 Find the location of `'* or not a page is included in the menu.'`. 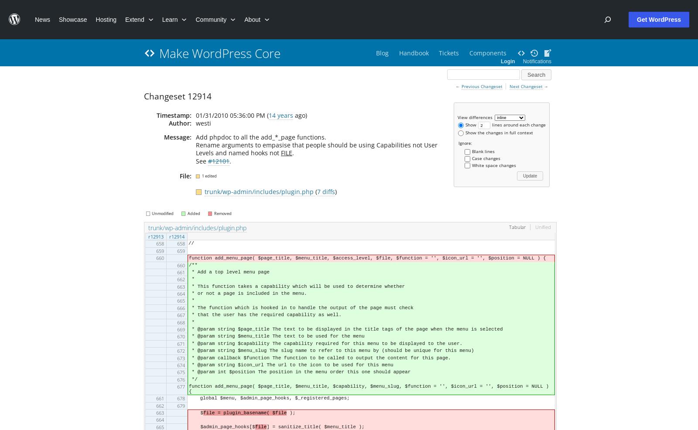

'* or not a page is included in the menu.' is located at coordinates (247, 293).